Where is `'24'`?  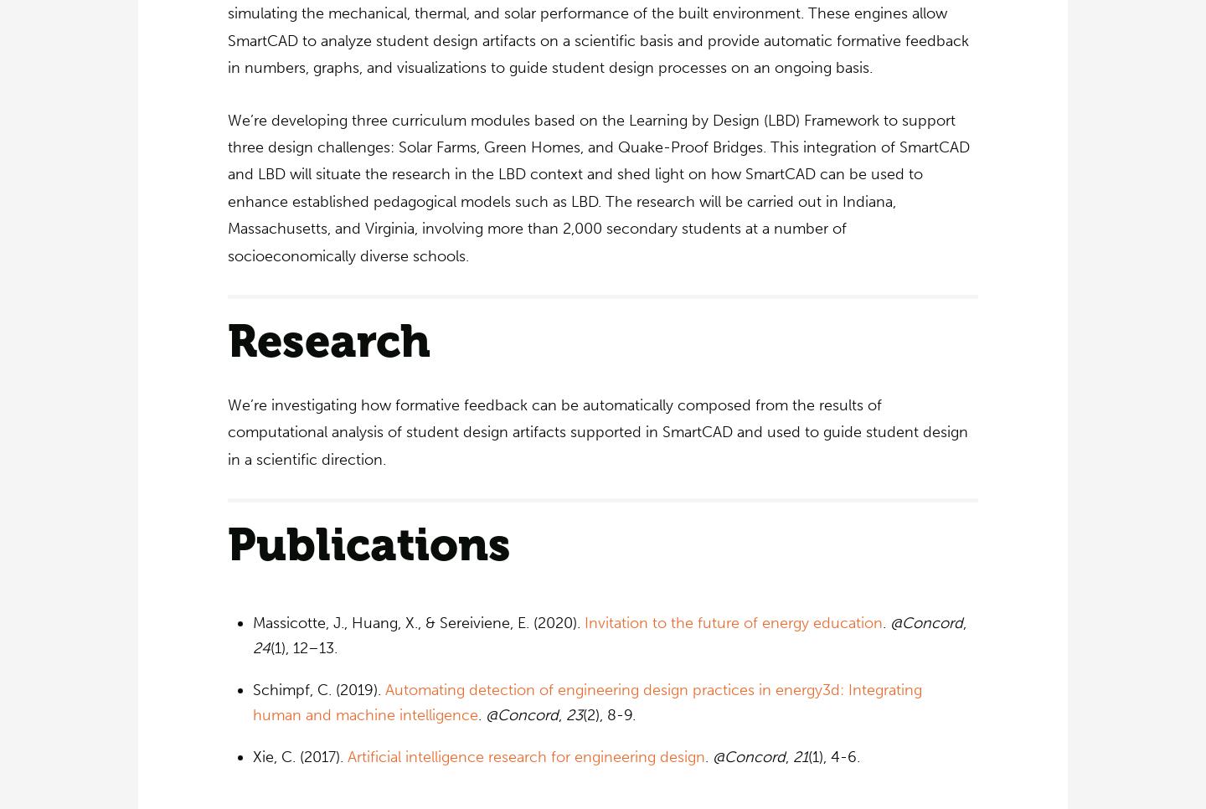 '24' is located at coordinates (261, 647).